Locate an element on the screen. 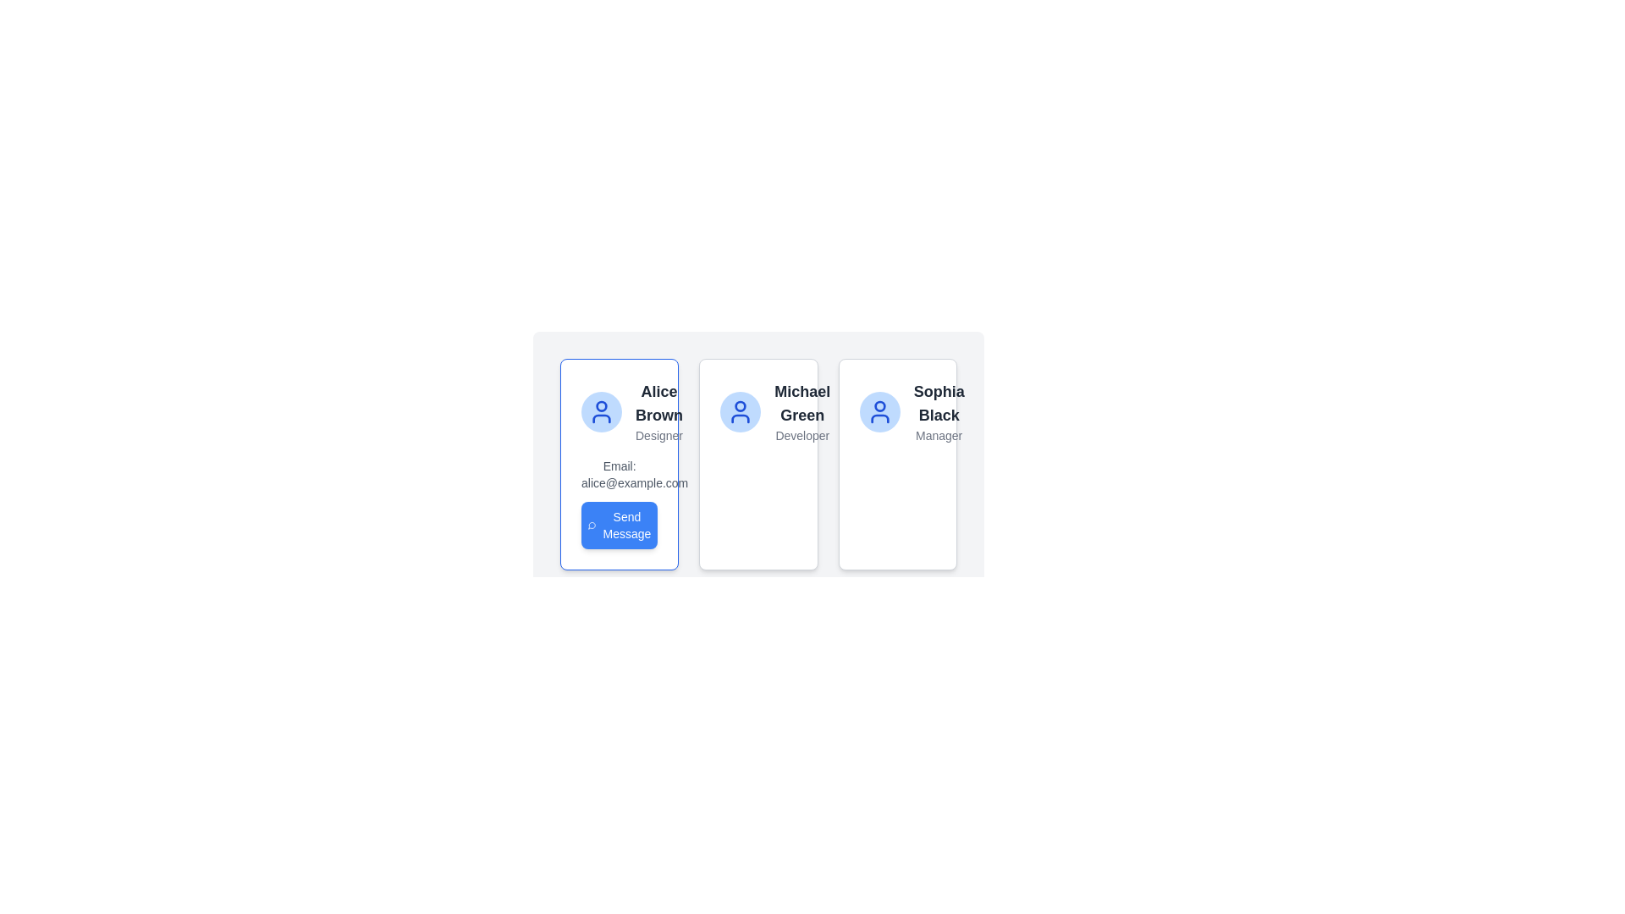  text of the Label displaying 'Michael Green' and 'Developer', which is located in the middle card of a group of cards, centered vertically and horizontally within its card is located at coordinates (801, 411).